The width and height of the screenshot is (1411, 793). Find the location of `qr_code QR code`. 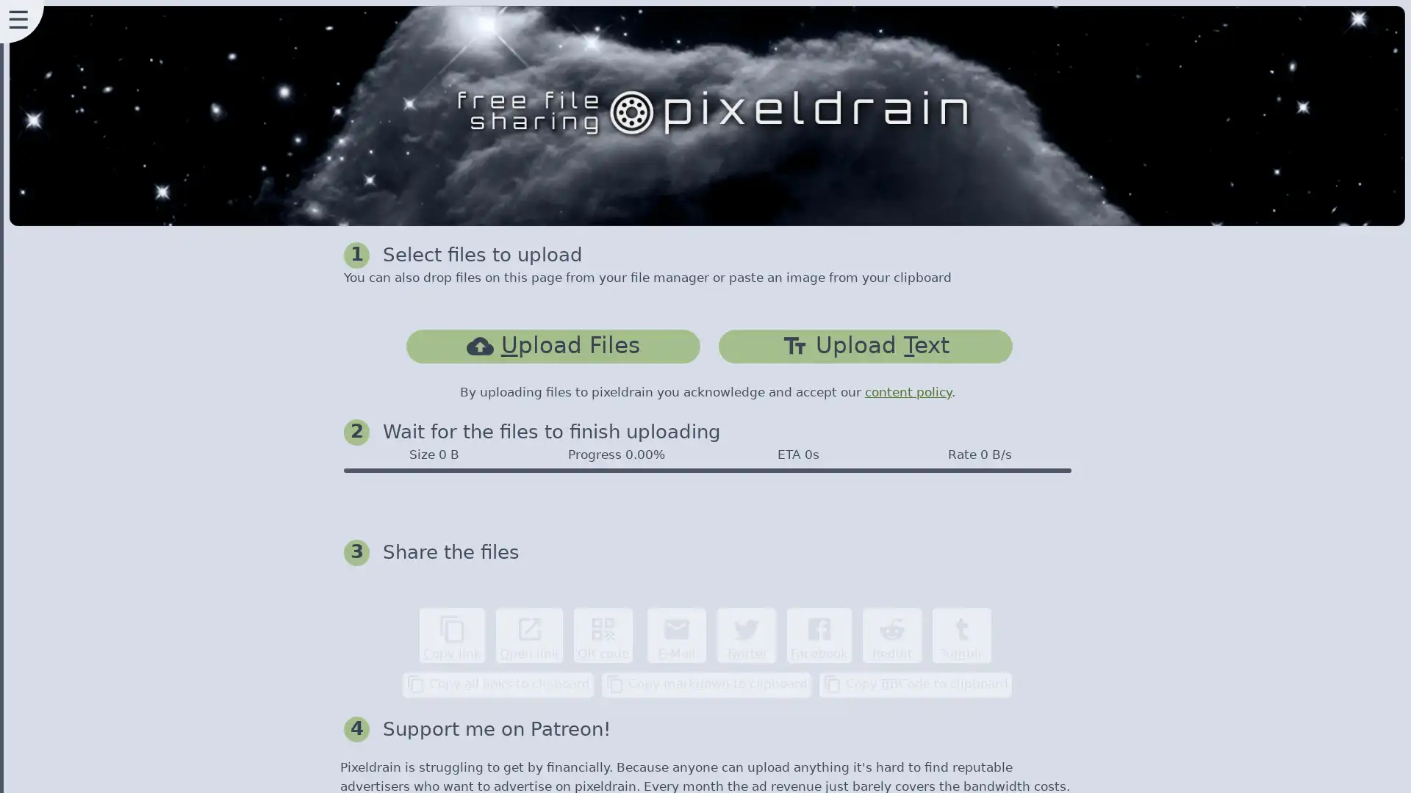

qr_code QR code is located at coordinates (708, 634).